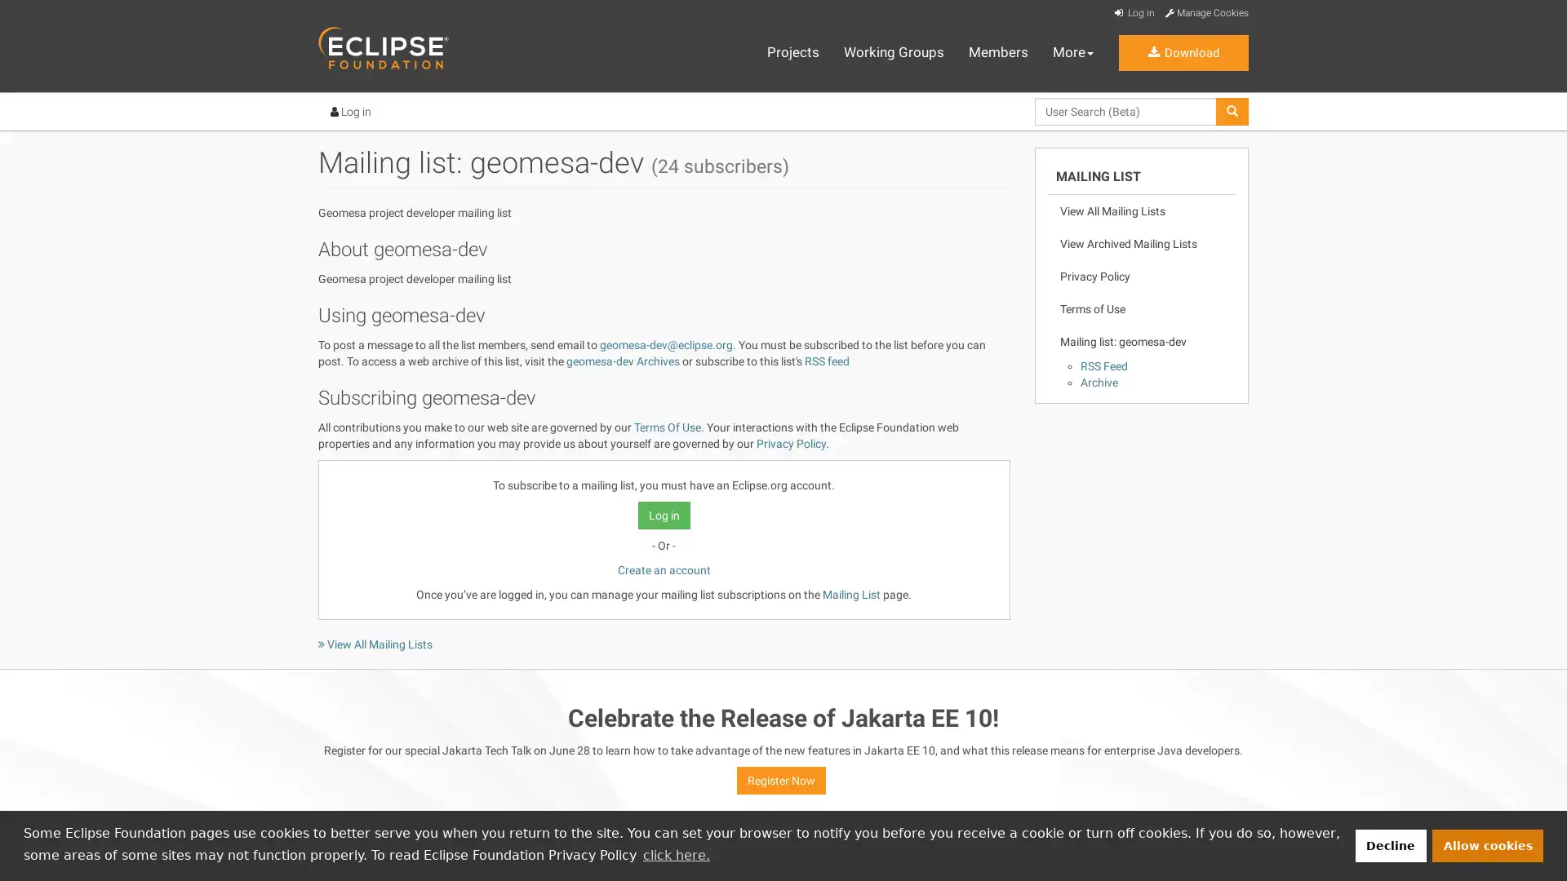 The width and height of the screenshot is (1567, 881). I want to click on deny cookies, so click(1389, 844).